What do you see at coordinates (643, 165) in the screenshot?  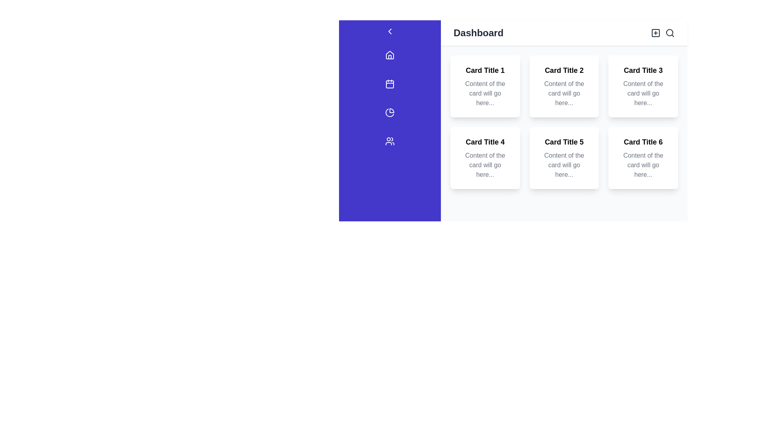 I see `the informational text element located below the title 'Card Title 6' in the sixth card of the grid layout` at bounding box center [643, 165].